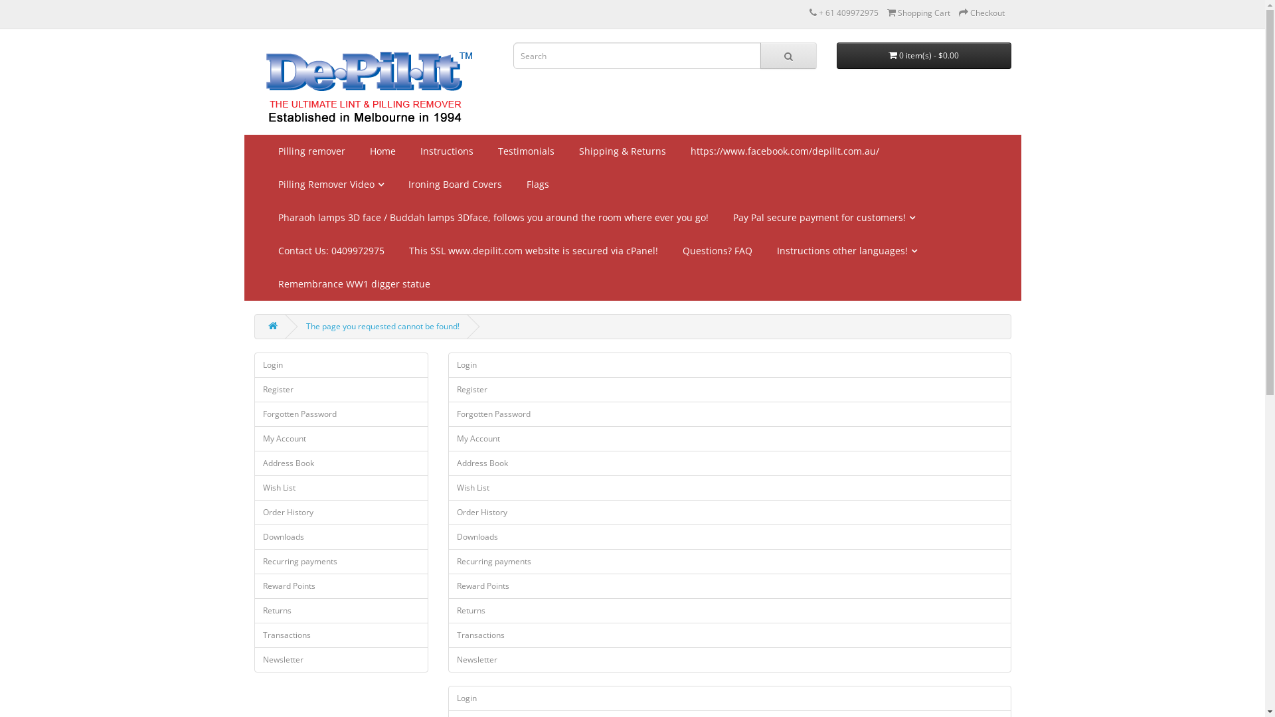 This screenshot has height=717, width=1275. Describe the element at coordinates (329, 184) in the screenshot. I see `'Pilling Remover Video'` at that location.